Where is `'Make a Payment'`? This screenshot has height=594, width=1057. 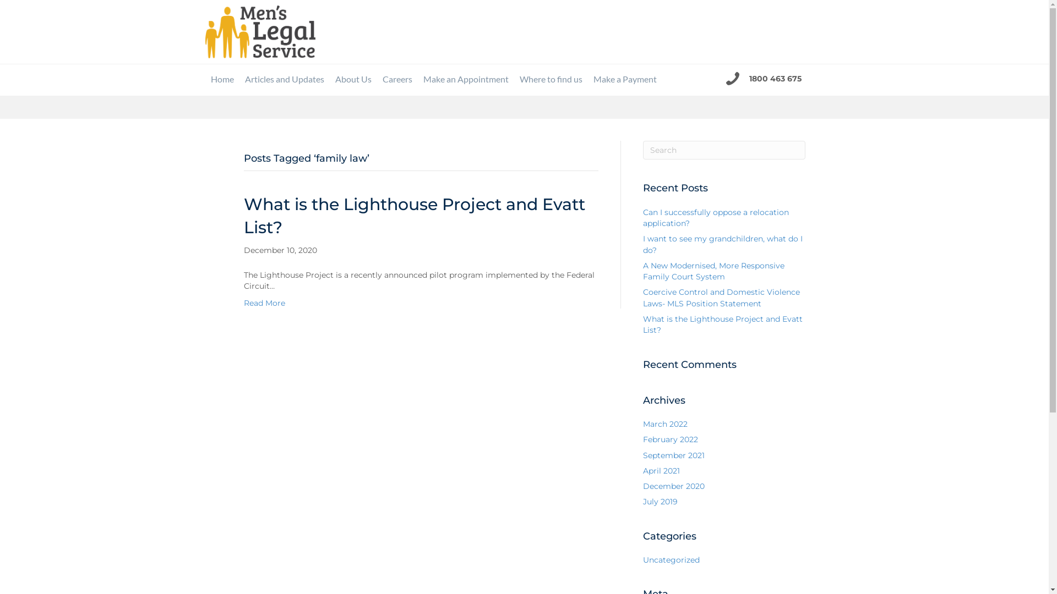
'Make a Payment' is located at coordinates (625, 78).